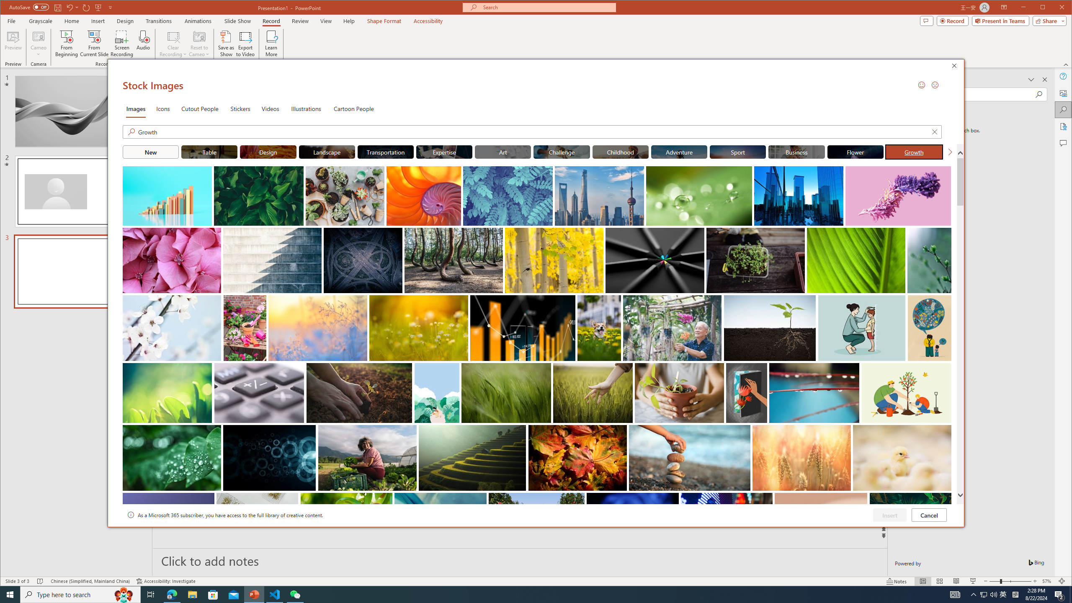  Describe the element at coordinates (61, 8) in the screenshot. I see `'Quick Access Toolbar'` at that location.